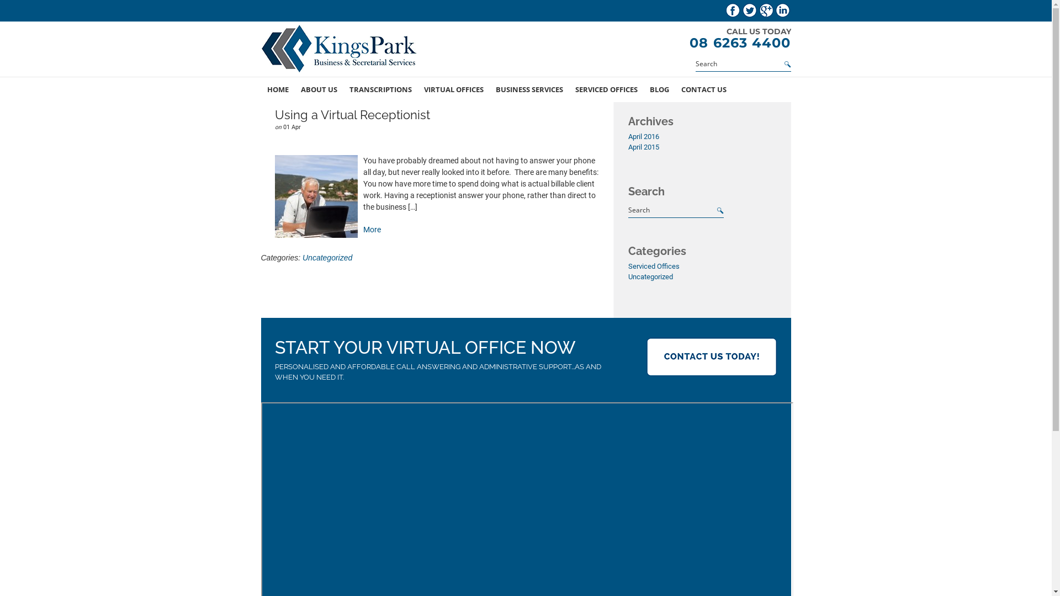 The width and height of the screenshot is (1060, 596). I want to click on 'BUSINESS SERVICES', so click(528, 89).